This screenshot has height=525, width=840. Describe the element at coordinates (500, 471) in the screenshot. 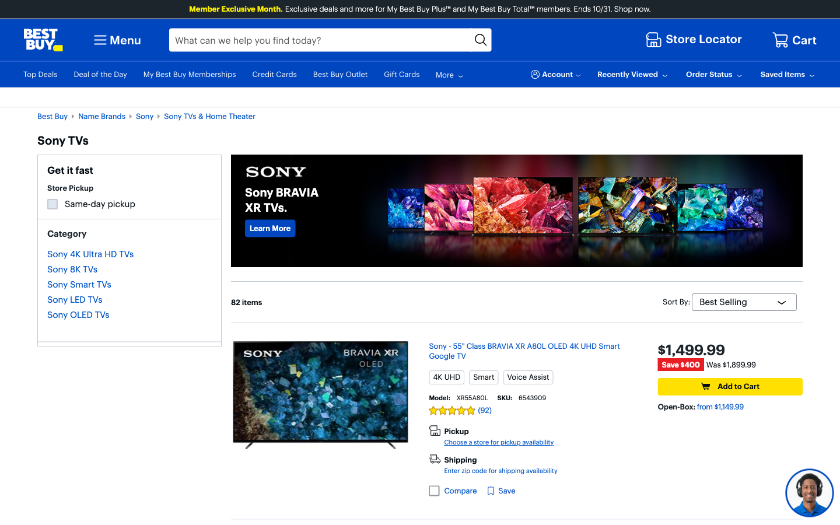

I see `Confirm the delivery availability of the primary TV listed on the page to the area with pin 15217` at that location.